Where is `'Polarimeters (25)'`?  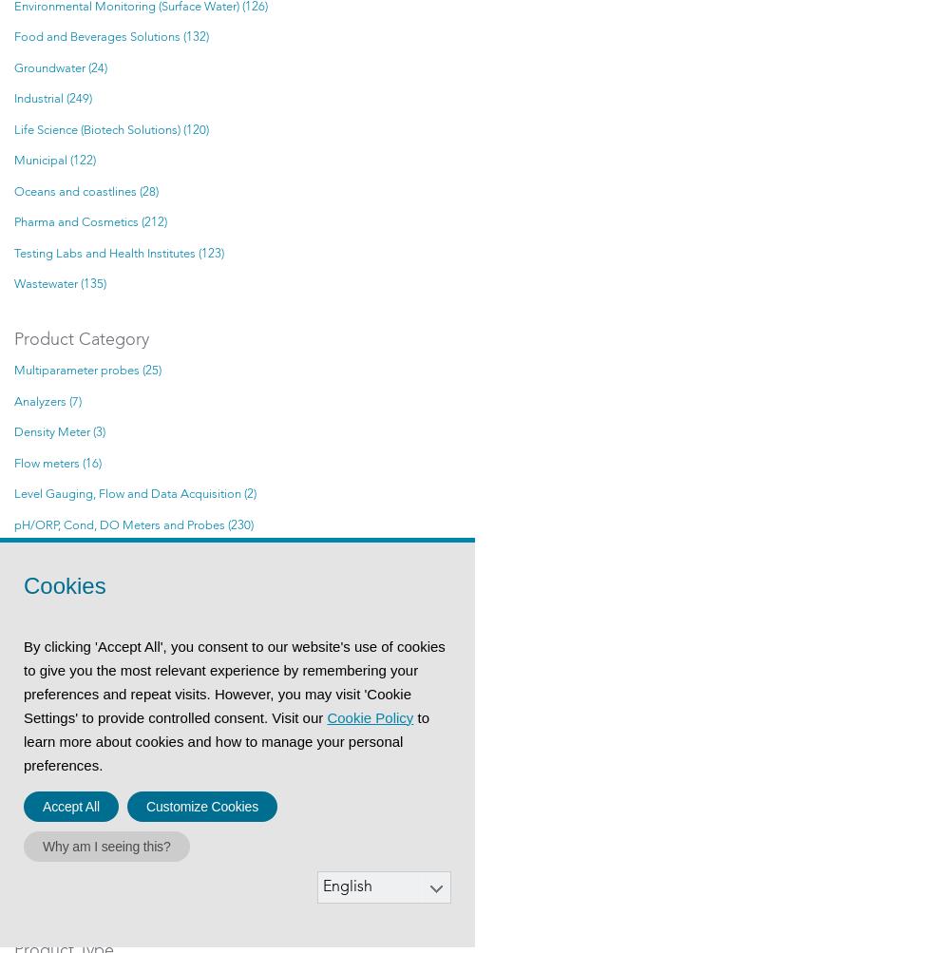
'Polarimeters (25)' is located at coordinates (58, 586).